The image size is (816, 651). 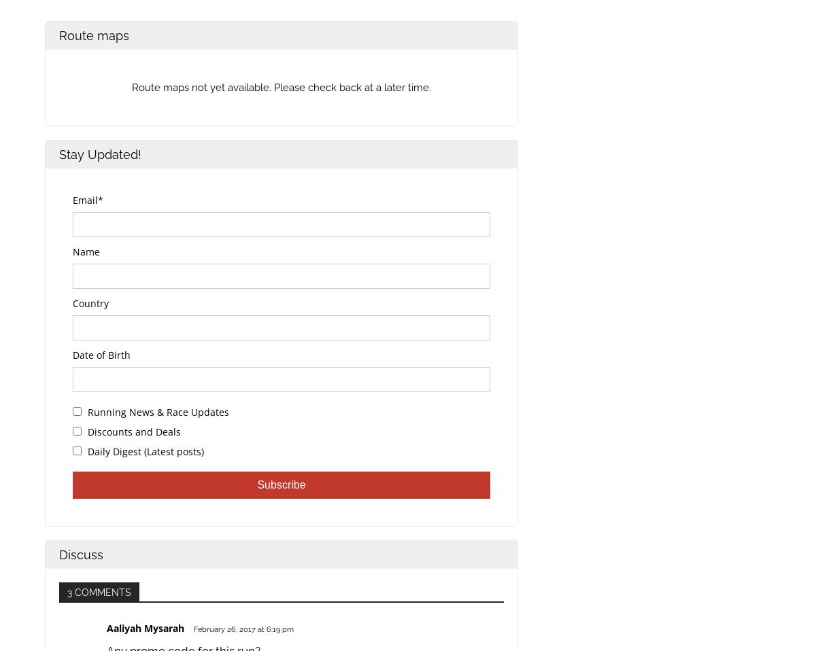 What do you see at coordinates (52, 154) in the screenshot?
I see `'Stay Updated!'` at bounding box center [52, 154].